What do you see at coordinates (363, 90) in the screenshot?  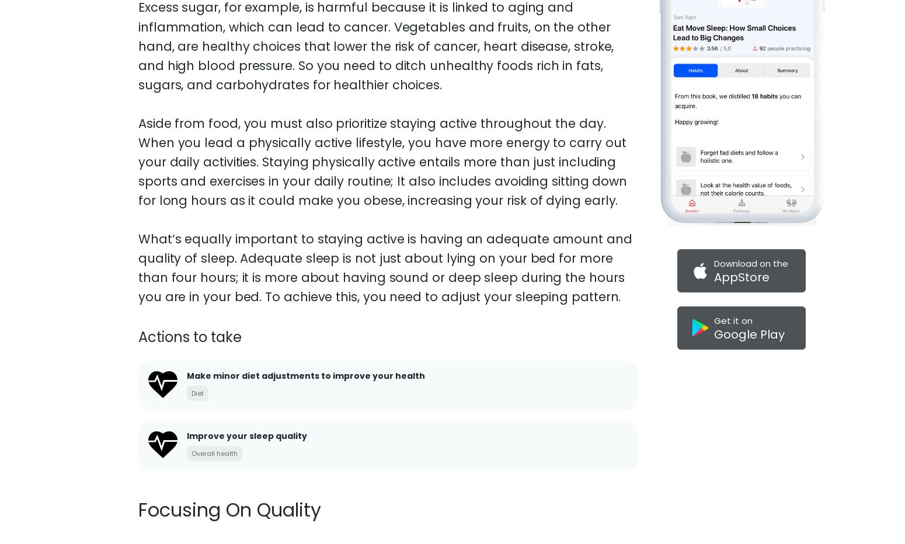 I see `'“So instead of letting these broad, long-term goals overwhelm you, pick specific reasons that motivate you to be more active right now.”'` at bounding box center [363, 90].